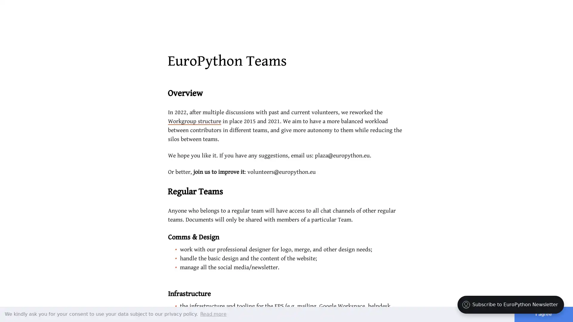 The width and height of the screenshot is (573, 322). What do you see at coordinates (213, 314) in the screenshot?
I see `learn more about cookies` at bounding box center [213, 314].